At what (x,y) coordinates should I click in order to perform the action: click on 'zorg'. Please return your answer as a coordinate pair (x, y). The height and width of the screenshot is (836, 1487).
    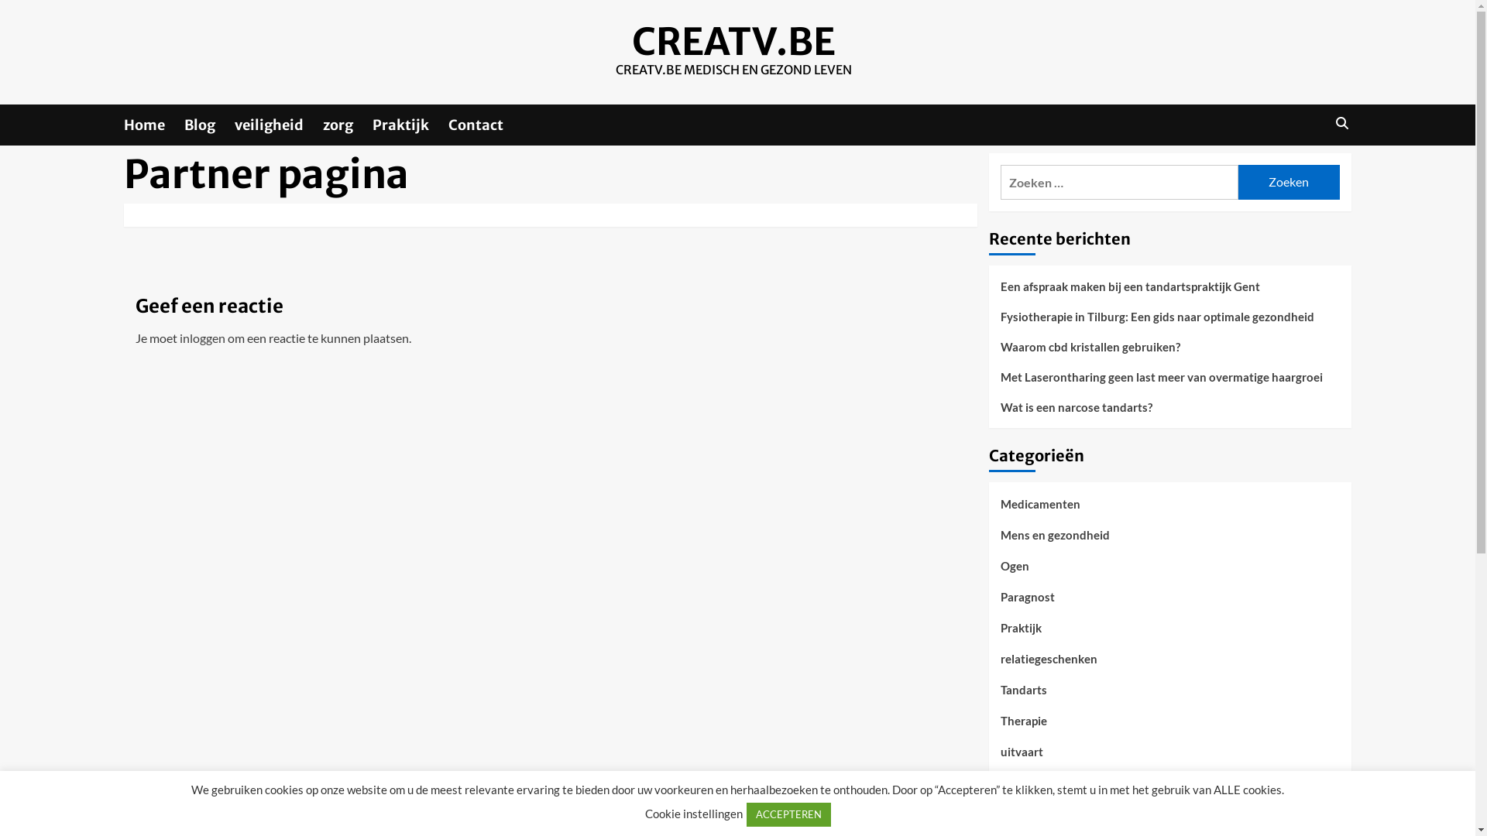
    Looking at the image, I should click on (322, 124).